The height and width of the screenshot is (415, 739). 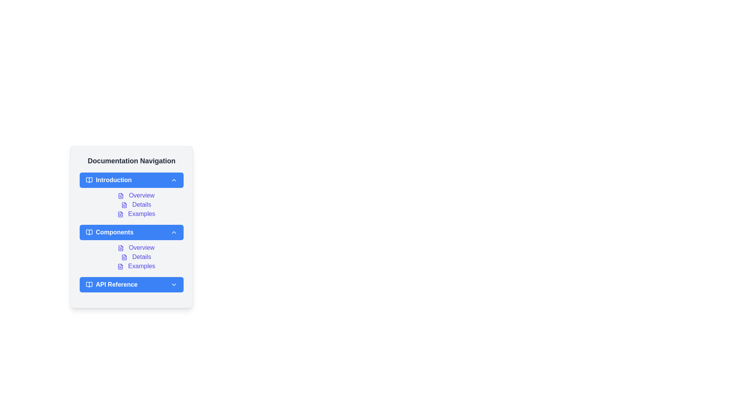 I want to click on the 'Components' button, which has a blue background, rounded corners, and white text, so click(x=131, y=232).